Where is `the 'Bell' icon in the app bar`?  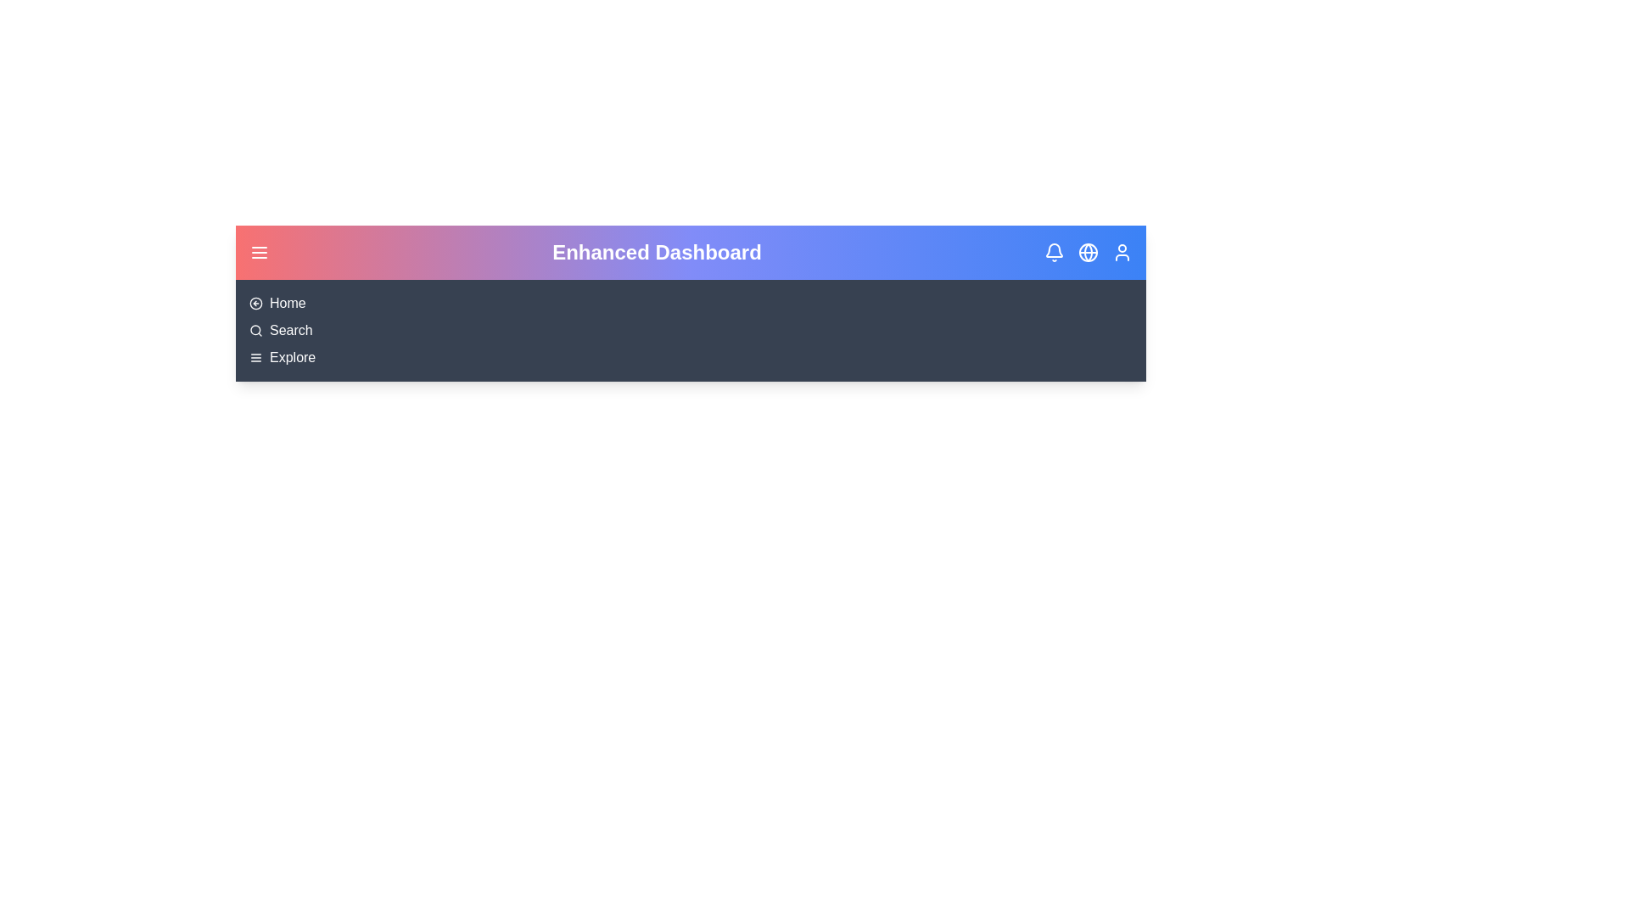
the 'Bell' icon in the app bar is located at coordinates (1054, 252).